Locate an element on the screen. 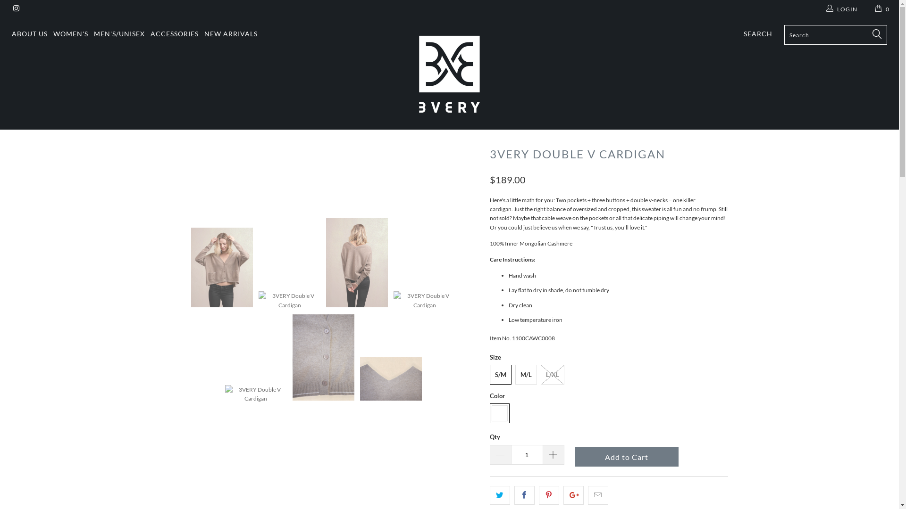 The height and width of the screenshot is (509, 906). 'Add to Cart' is located at coordinates (627, 456).